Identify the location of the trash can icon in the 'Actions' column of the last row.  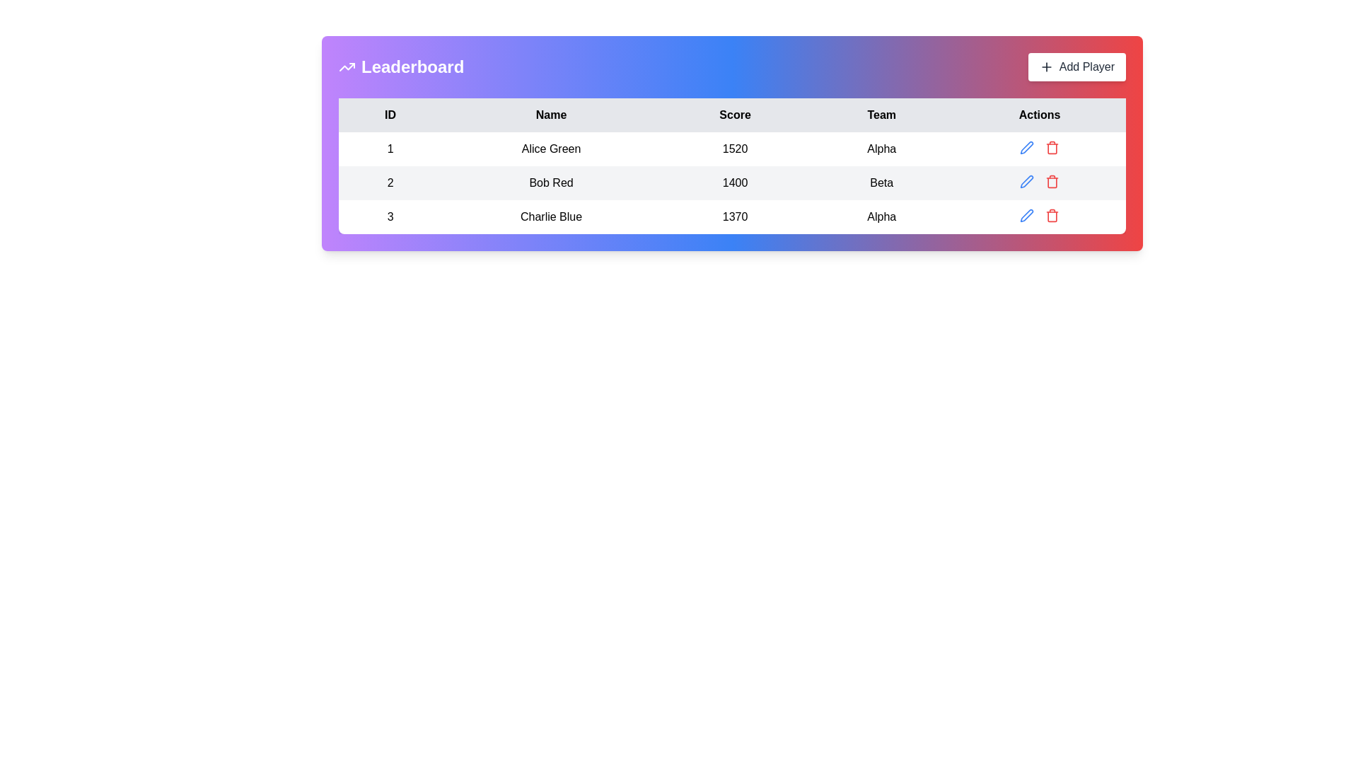
(1052, 147).